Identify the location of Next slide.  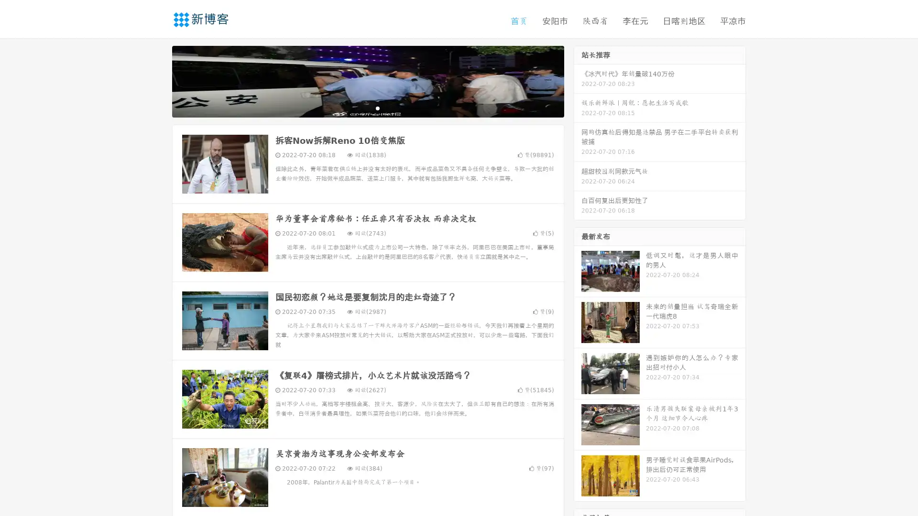
(578, 80).